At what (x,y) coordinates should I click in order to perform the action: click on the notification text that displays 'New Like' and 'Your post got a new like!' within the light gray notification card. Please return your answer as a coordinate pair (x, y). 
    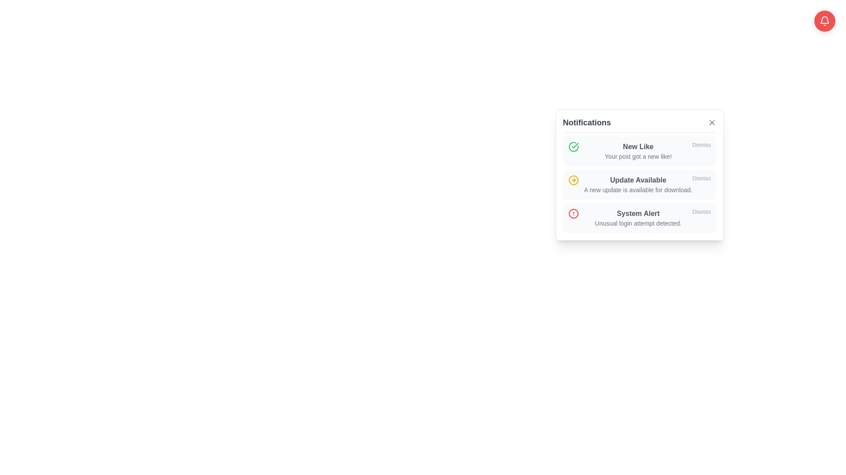
    Looking at the image, I should click on (638, 150).